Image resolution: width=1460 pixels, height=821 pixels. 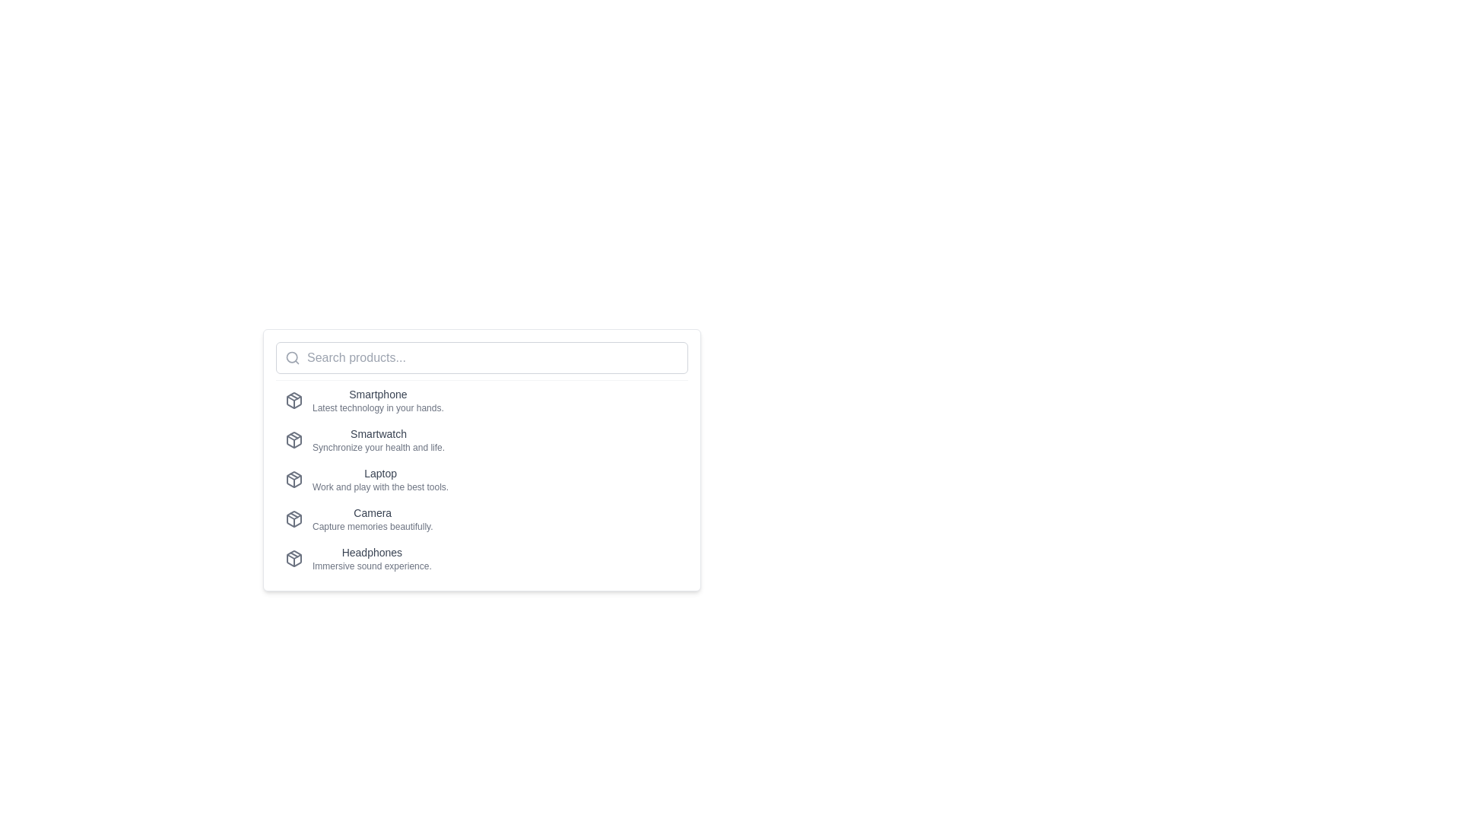 What do you see at coordinates (372, 559) in the screenshot?
I see `the text block displaying 'Headphones' in the fifth row of the search results` at bounding box center [372, 559].